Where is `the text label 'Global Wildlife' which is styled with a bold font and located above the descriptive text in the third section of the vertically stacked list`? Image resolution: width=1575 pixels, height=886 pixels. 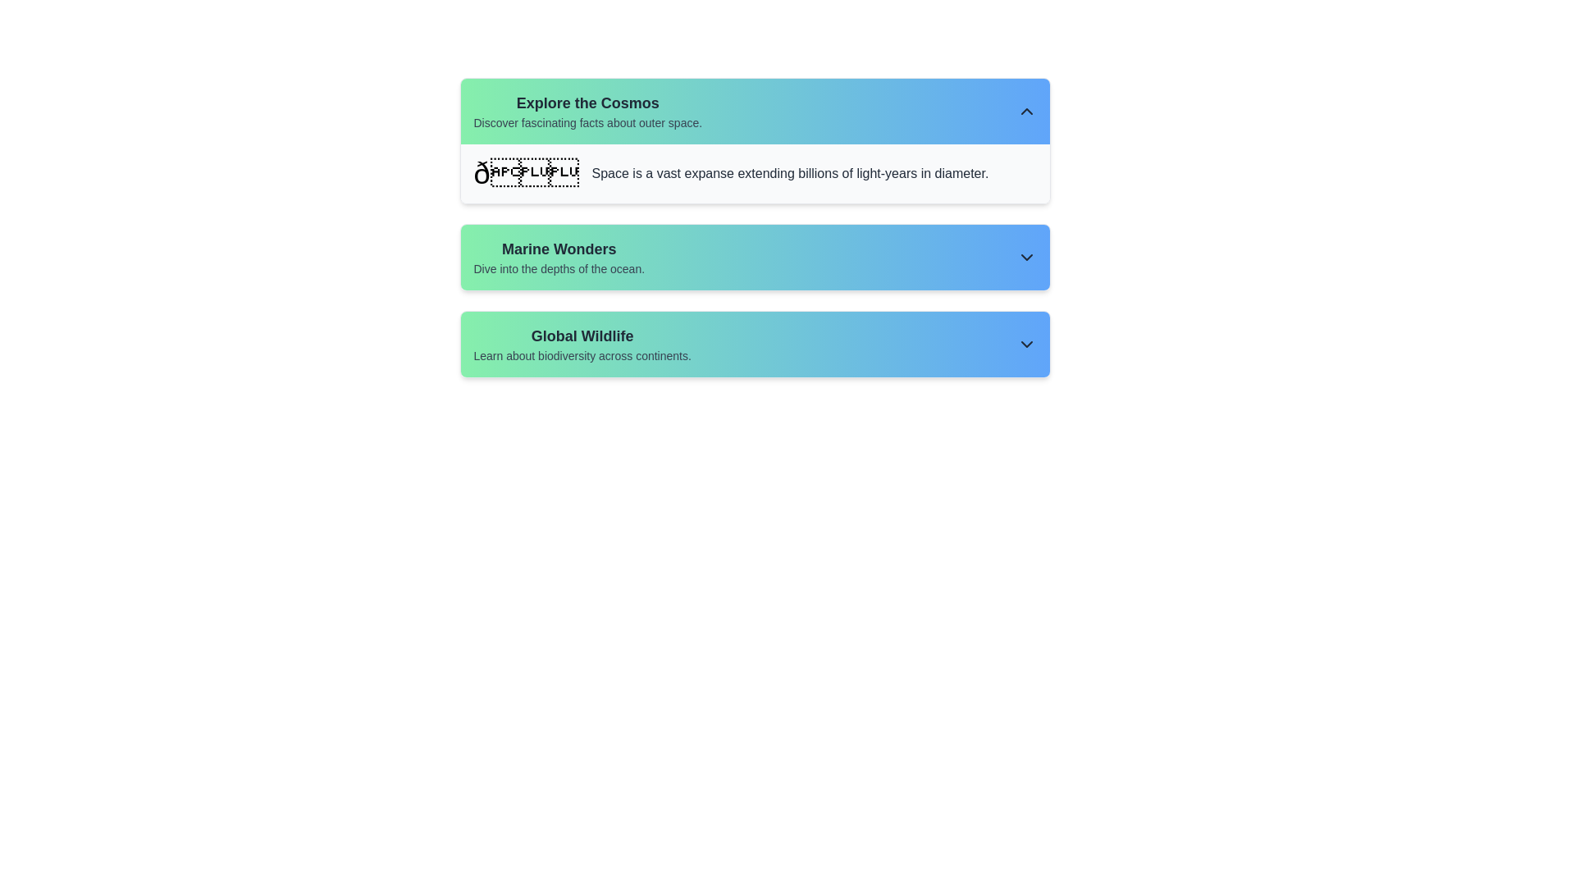
the text label 'Global Wildlife' which is styled with a bold font and located above the descriptive text in the third section of the vertically stacked list is located at coordinates (582, 335).